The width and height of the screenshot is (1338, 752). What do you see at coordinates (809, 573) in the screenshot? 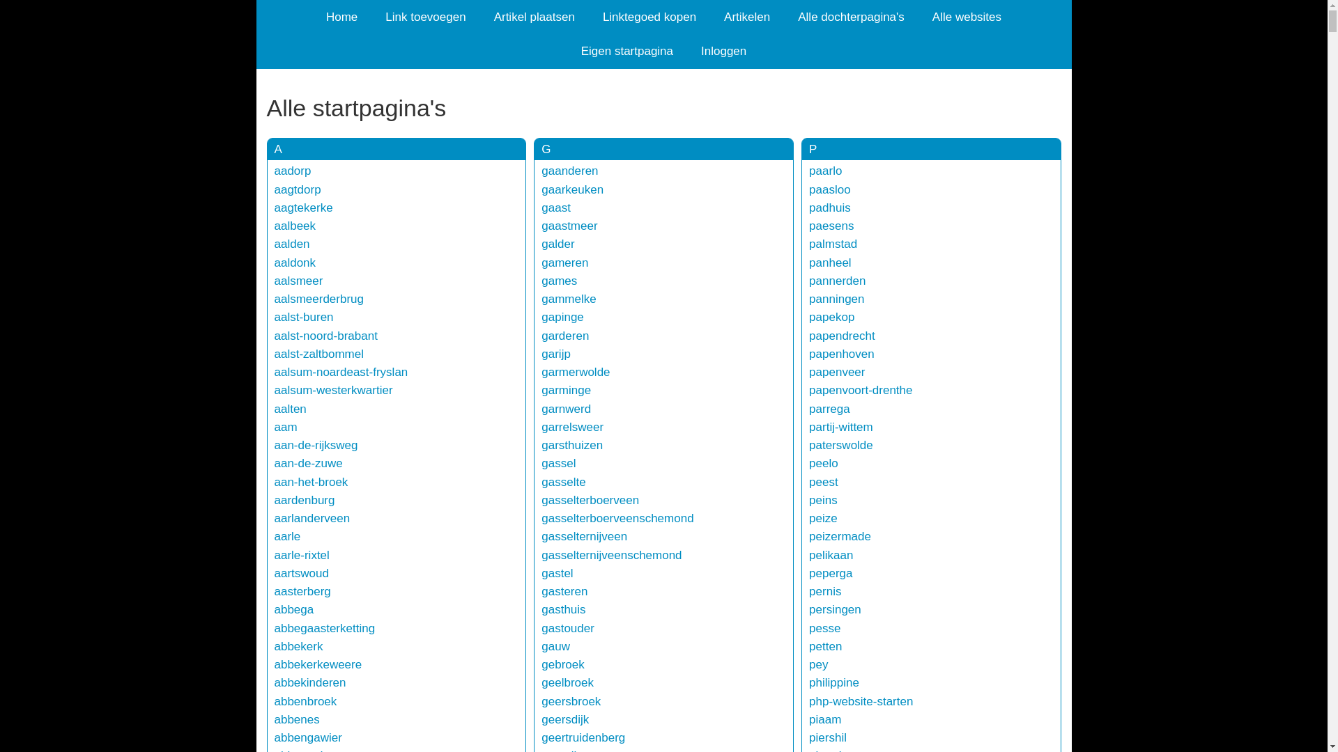
I see `'peperga'` at bounding box center [809, 573].